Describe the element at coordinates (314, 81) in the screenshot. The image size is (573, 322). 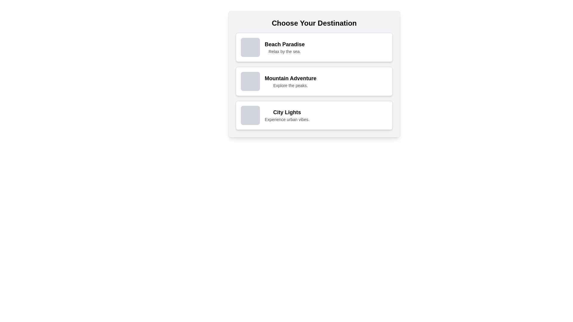
I see `the 'Mountain Adventure' selection card, which is the second item in a vertically stacked list of options` at that location.